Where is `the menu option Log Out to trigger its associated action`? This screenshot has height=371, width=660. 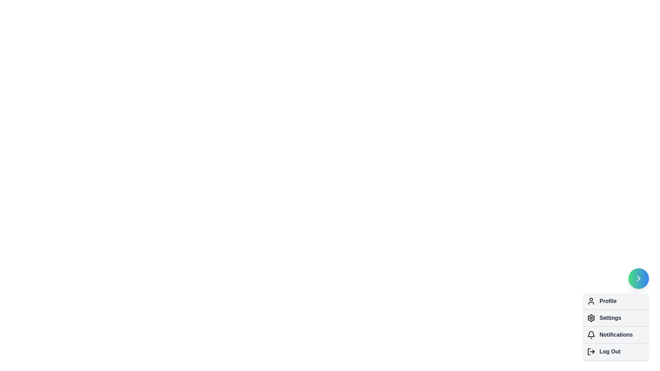 the menu option Log Out to trigger its associated action is located at coordinates (591, 351).